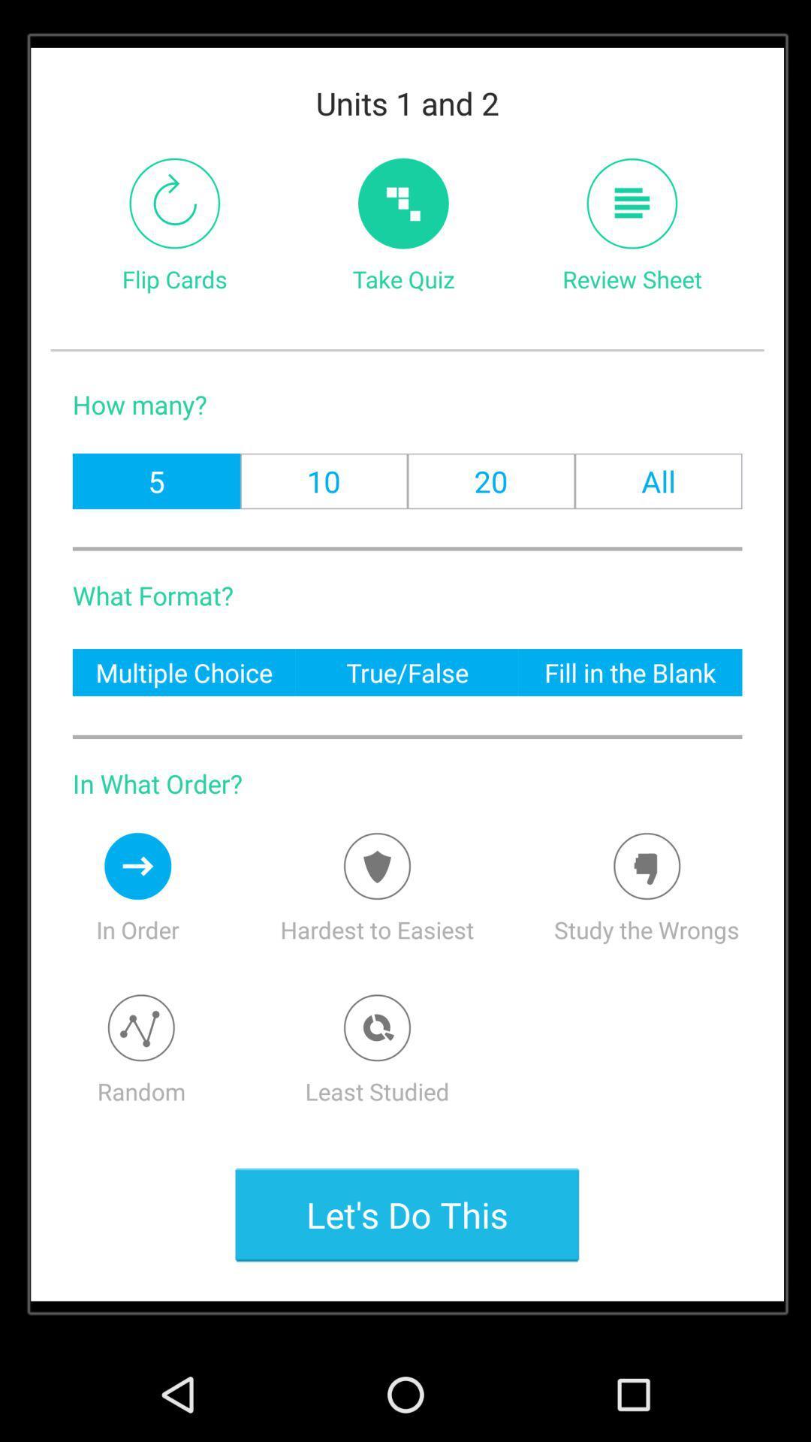 The width and height of the screenshot is (811, 1442). I want to click on study the wrongs, so click(646, 866).